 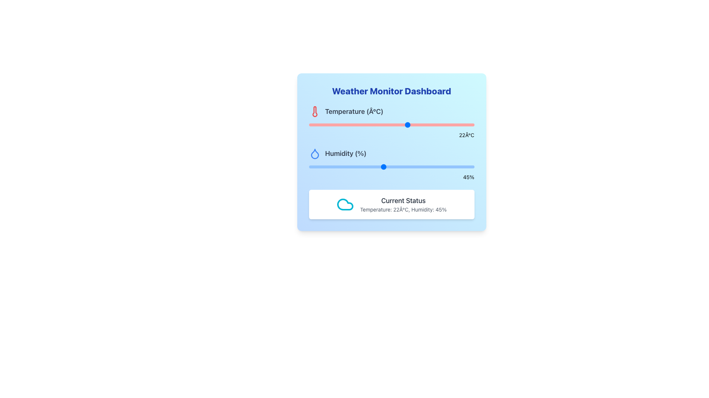 I want to click on the temperature slider, so click(x=356, y=125).